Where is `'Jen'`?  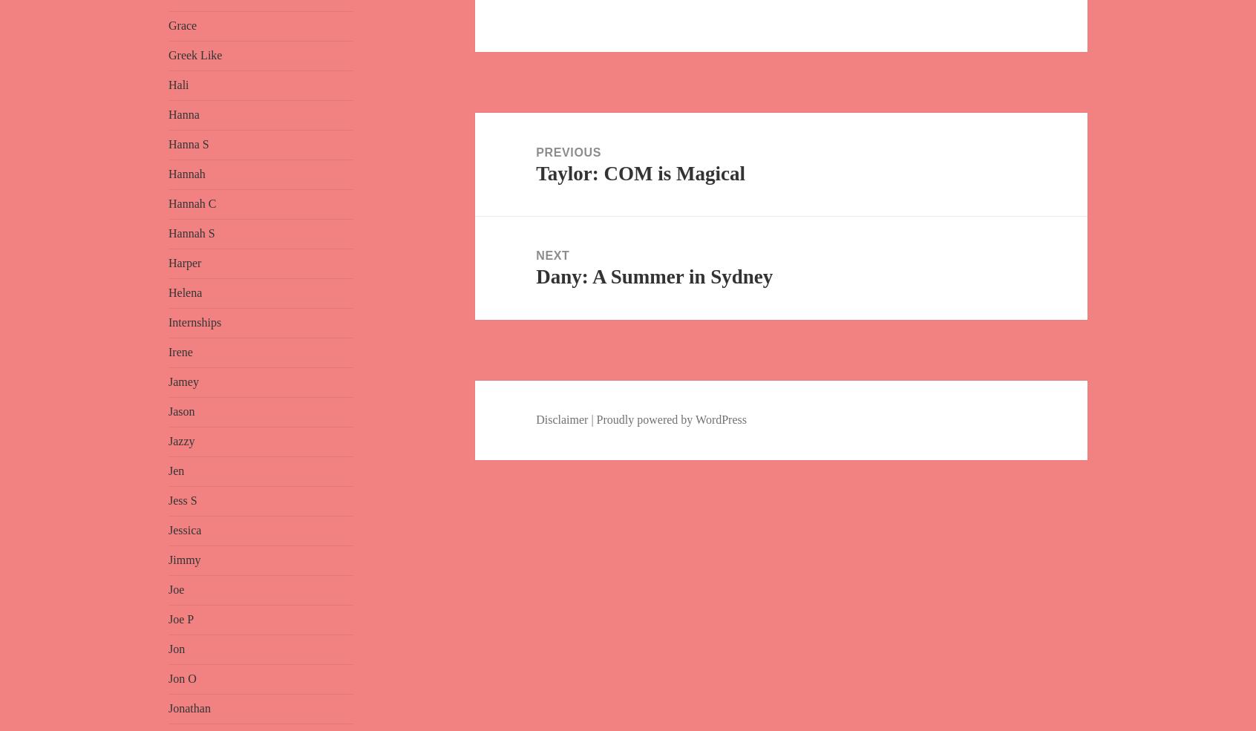
'Jen' is located at coordinates (176, 470).